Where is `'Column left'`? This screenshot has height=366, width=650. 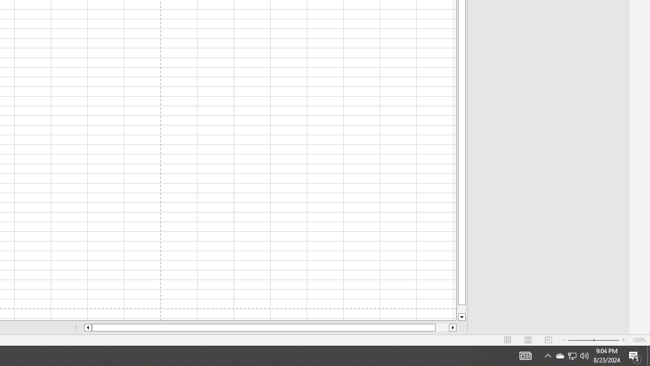
'Column left' is located at coordinates (87, 327).